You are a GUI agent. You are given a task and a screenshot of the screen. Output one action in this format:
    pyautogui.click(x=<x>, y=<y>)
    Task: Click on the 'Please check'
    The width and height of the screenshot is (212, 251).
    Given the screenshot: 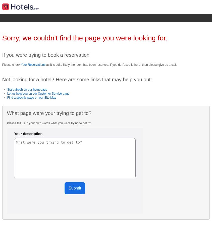 What is the action you would take?
    pyautogui.click(x=11, y=65)
    